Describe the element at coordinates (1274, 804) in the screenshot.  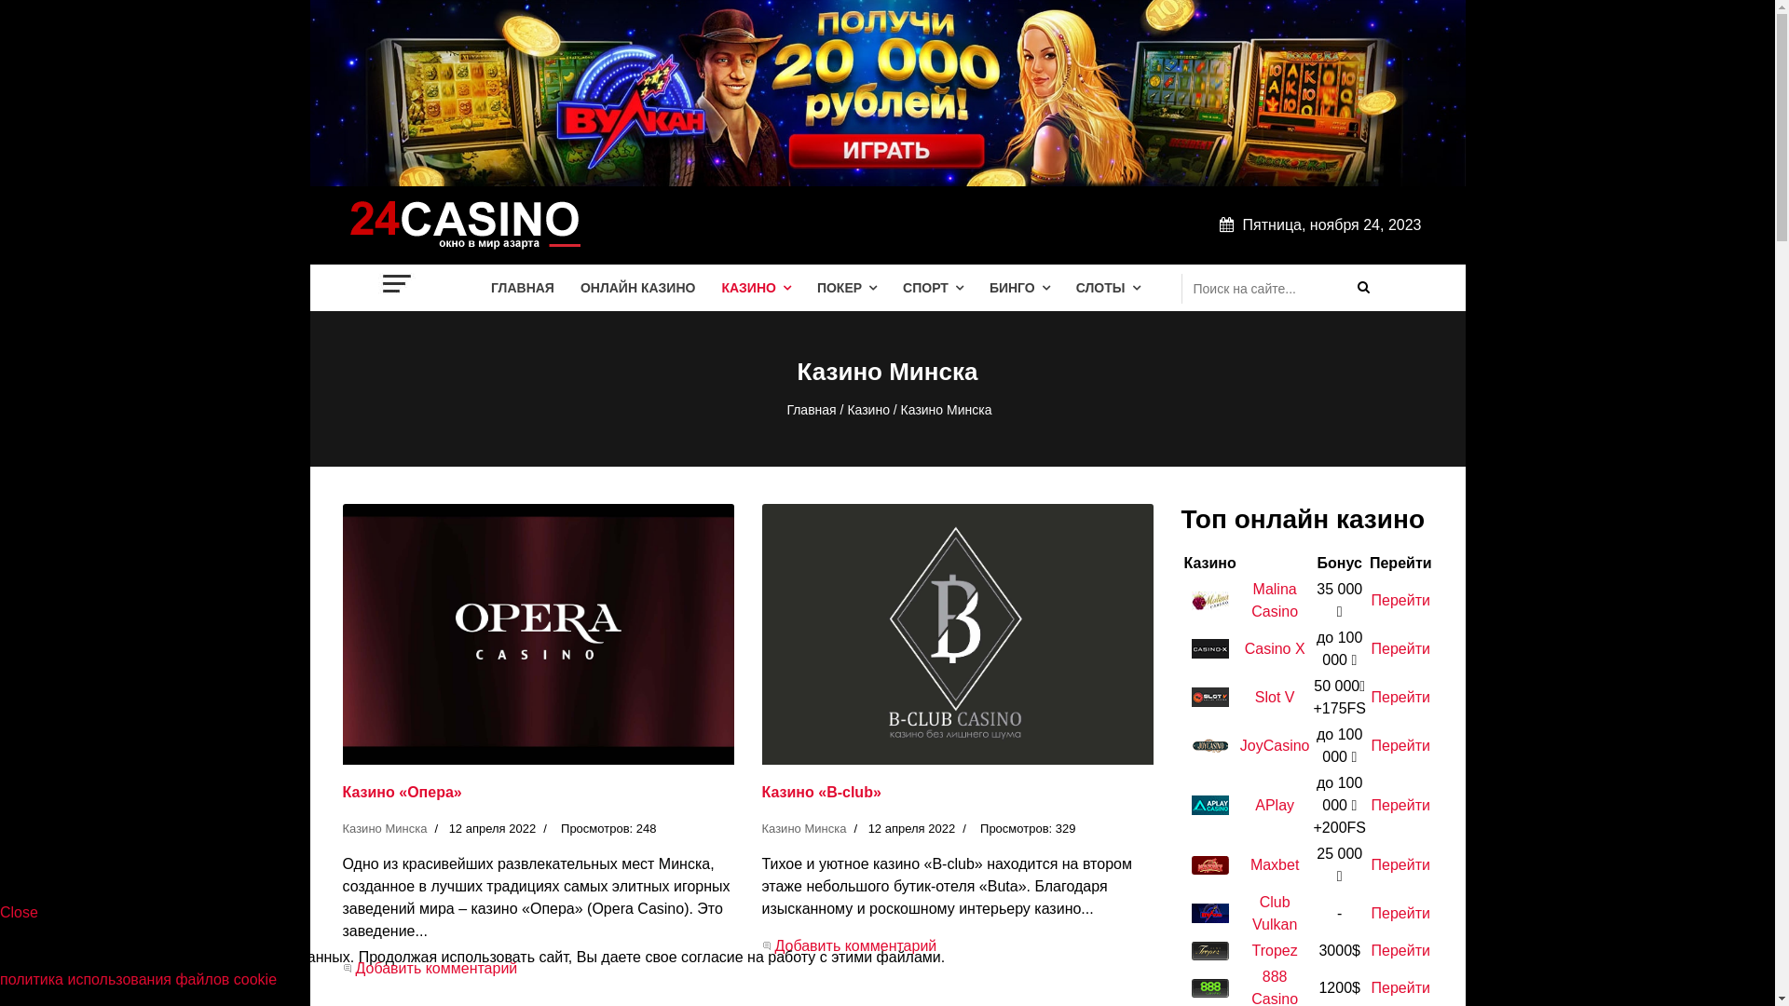
I see `'APlay'` at that location.